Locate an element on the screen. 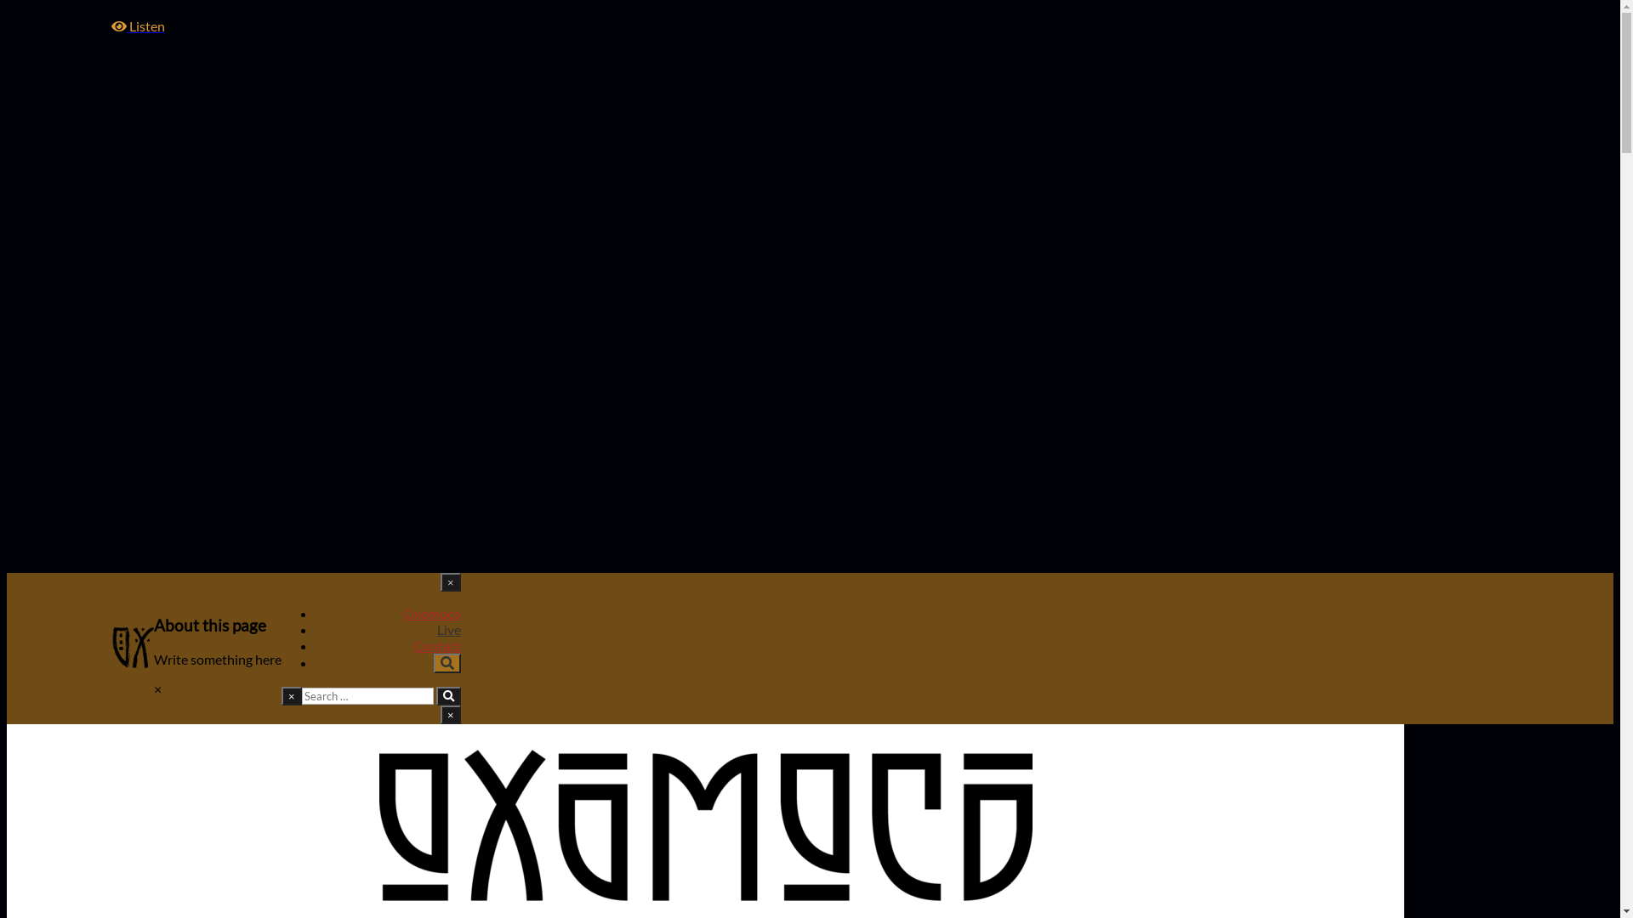 This screenshot has width=1633, height=918. 'Oxomoco' is located at coordinates (402, 613).